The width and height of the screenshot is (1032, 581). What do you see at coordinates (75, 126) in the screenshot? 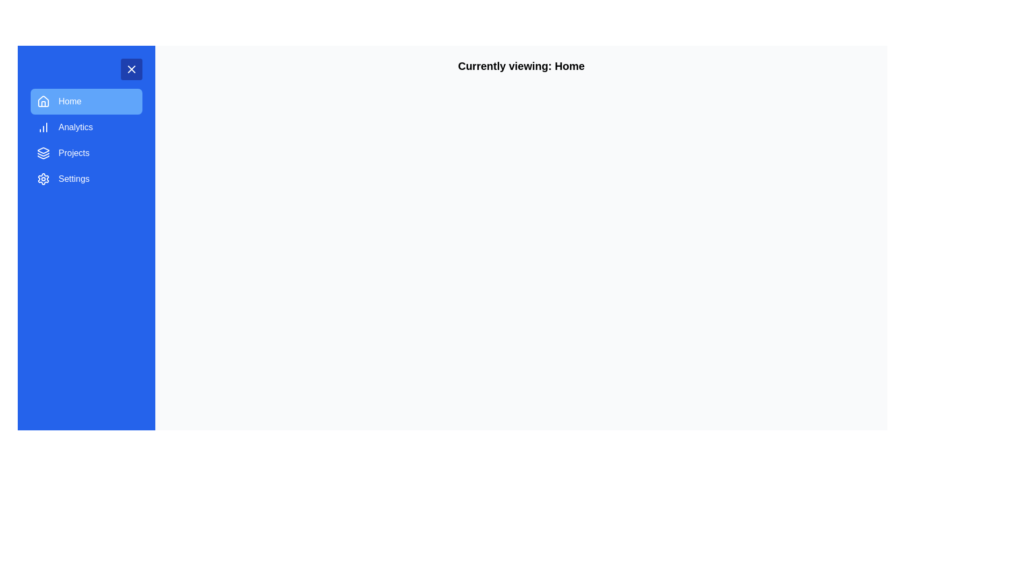
I see `text label that serves as the navigation menu item for analytics, located in the second row of the vertical navigation panel below the 'Home' menu item` at bounding box center [75, 126].